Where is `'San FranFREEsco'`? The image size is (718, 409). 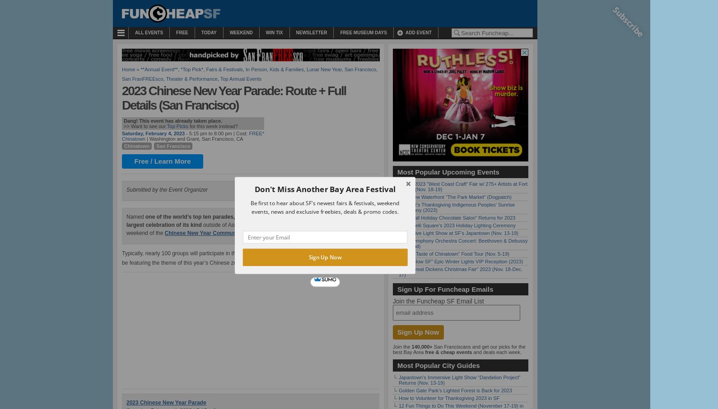
'San FranFREEsco' is located at coordinates (142, 78).